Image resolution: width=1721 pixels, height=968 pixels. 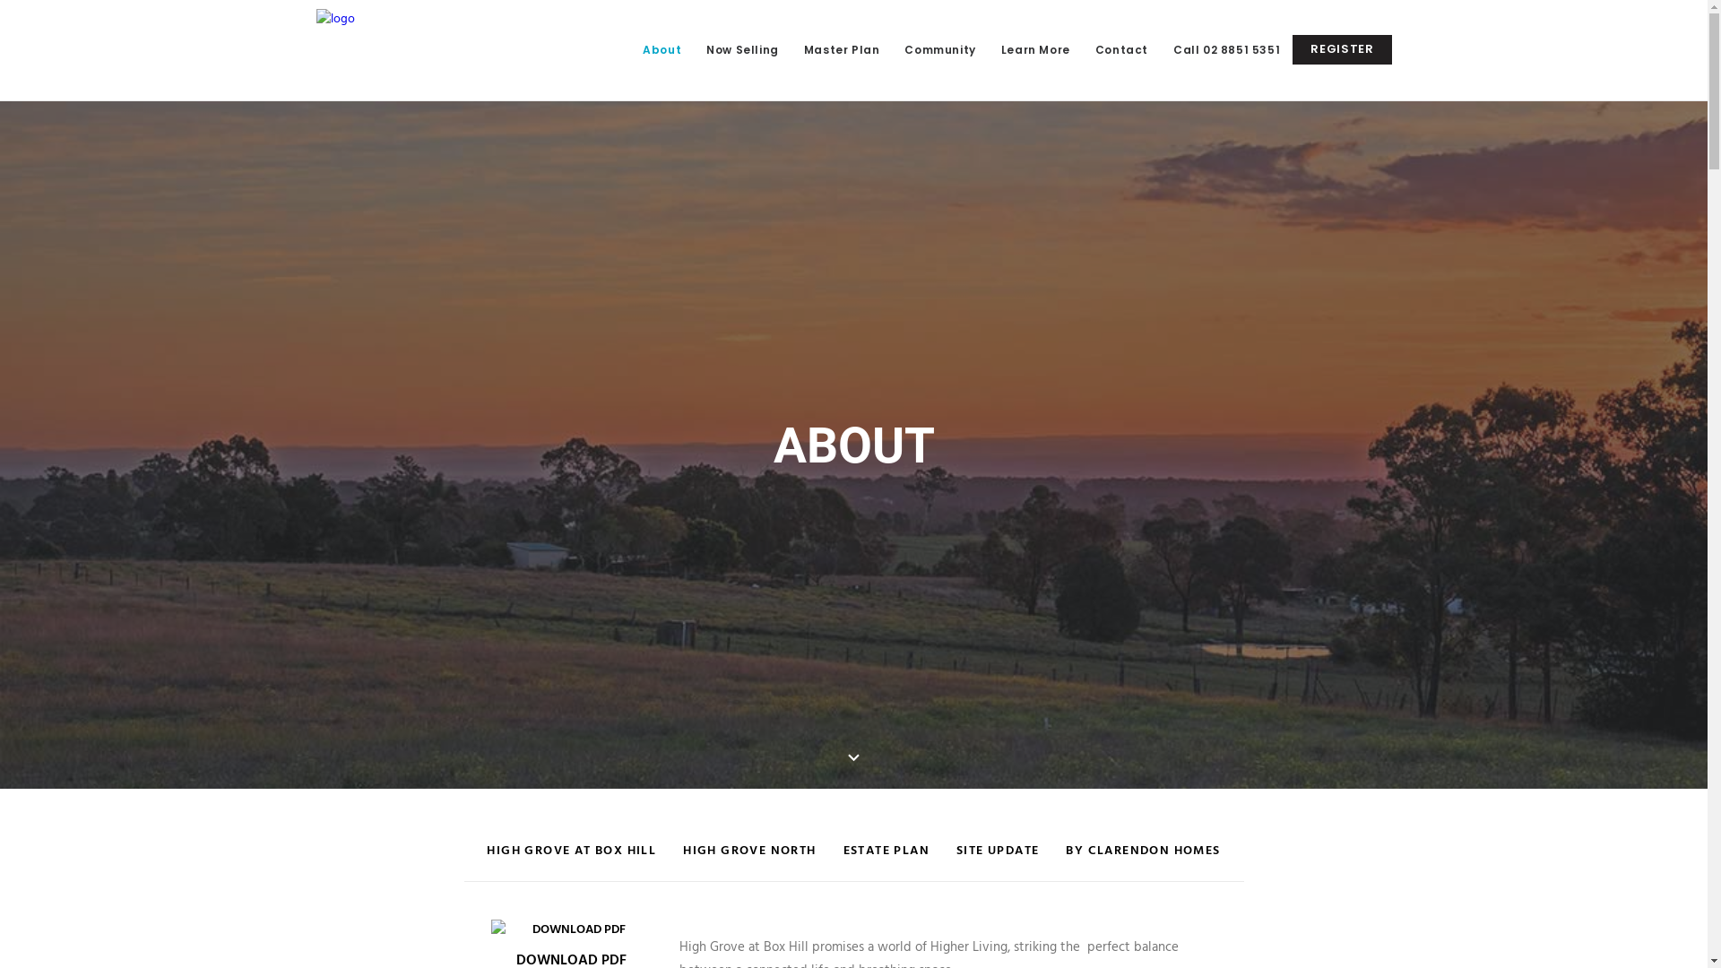 What do you see at coordinates (791, 49) in the screenshot?
I see `'Master Plan'` at bounding box center [791, 49].